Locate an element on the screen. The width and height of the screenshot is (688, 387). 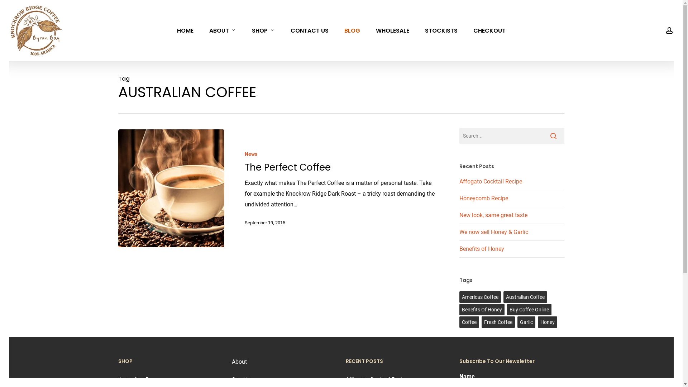
'Buy Coffee Online' is located at coordinates (529, 309).